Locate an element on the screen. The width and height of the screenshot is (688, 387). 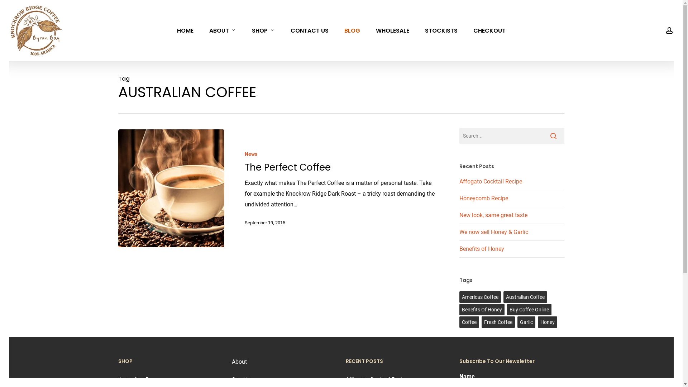
'Buy Coffee Online' is located at coordinates (529, 309).